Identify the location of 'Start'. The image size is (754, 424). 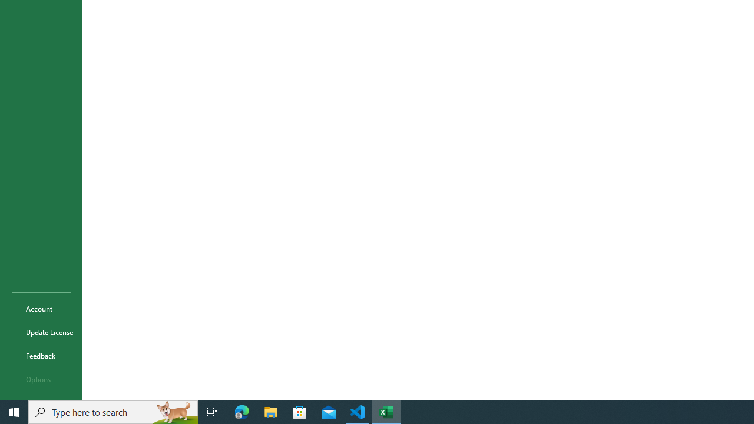
(14, 411).